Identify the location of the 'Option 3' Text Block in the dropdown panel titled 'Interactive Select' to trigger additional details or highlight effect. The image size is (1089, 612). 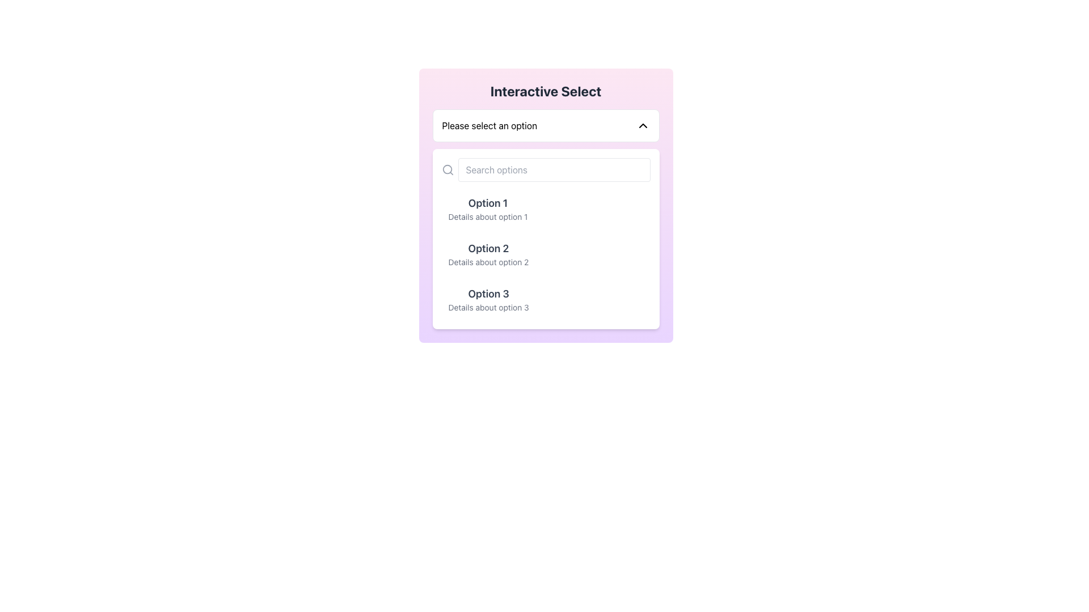
(488, 299).